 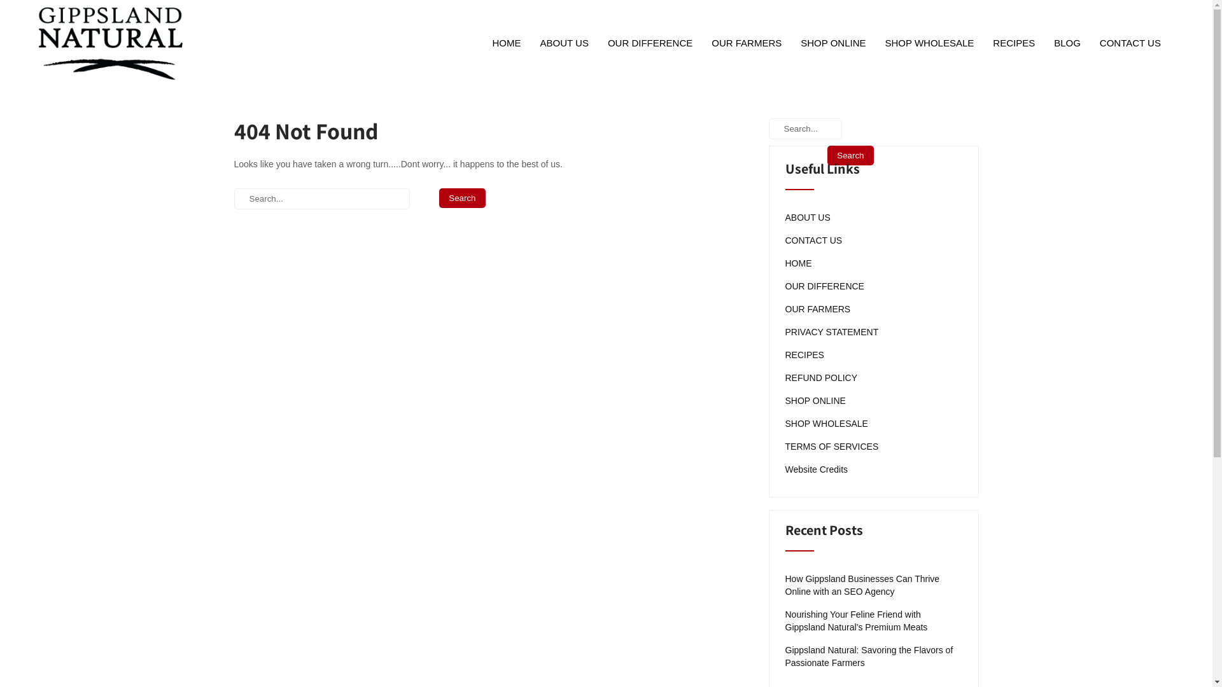 I want to click on 'TERMS OF SERVICES', so click(x=832, y=446).